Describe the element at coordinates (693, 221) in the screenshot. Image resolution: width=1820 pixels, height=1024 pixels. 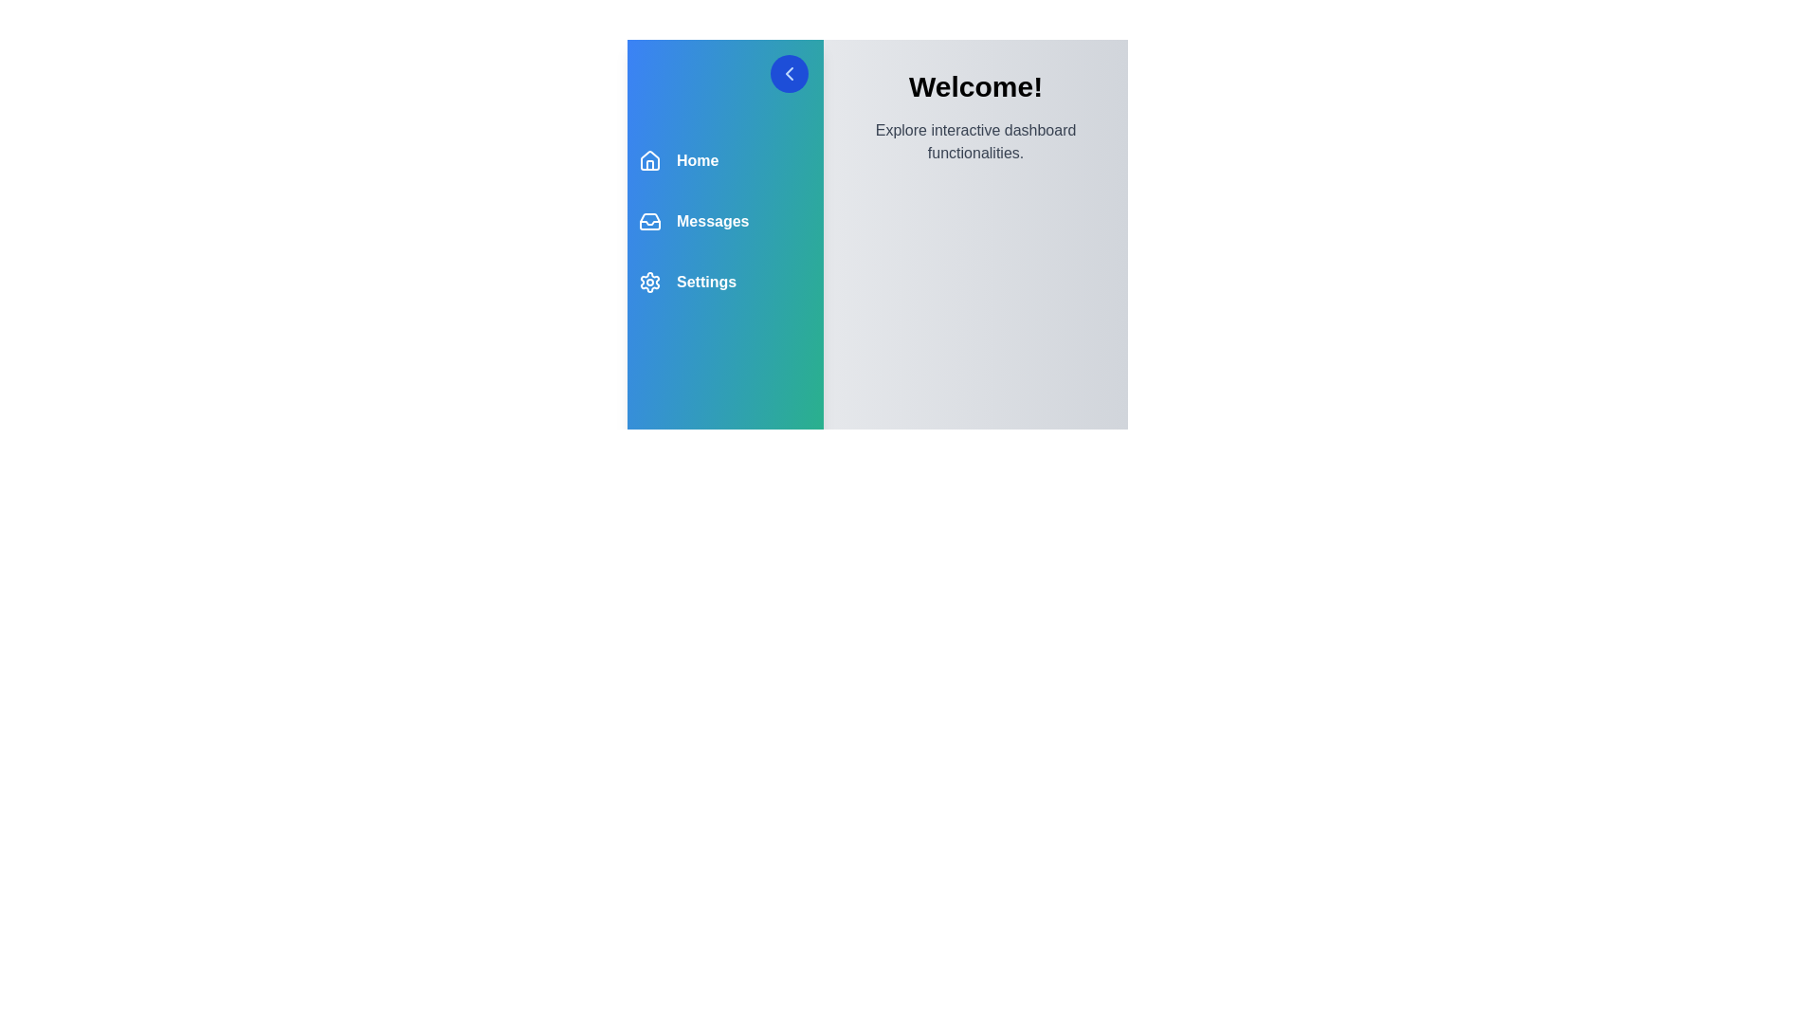
I see `the Navigation Button that leads to the Messages section of the application for keyboard navigation` at that location.